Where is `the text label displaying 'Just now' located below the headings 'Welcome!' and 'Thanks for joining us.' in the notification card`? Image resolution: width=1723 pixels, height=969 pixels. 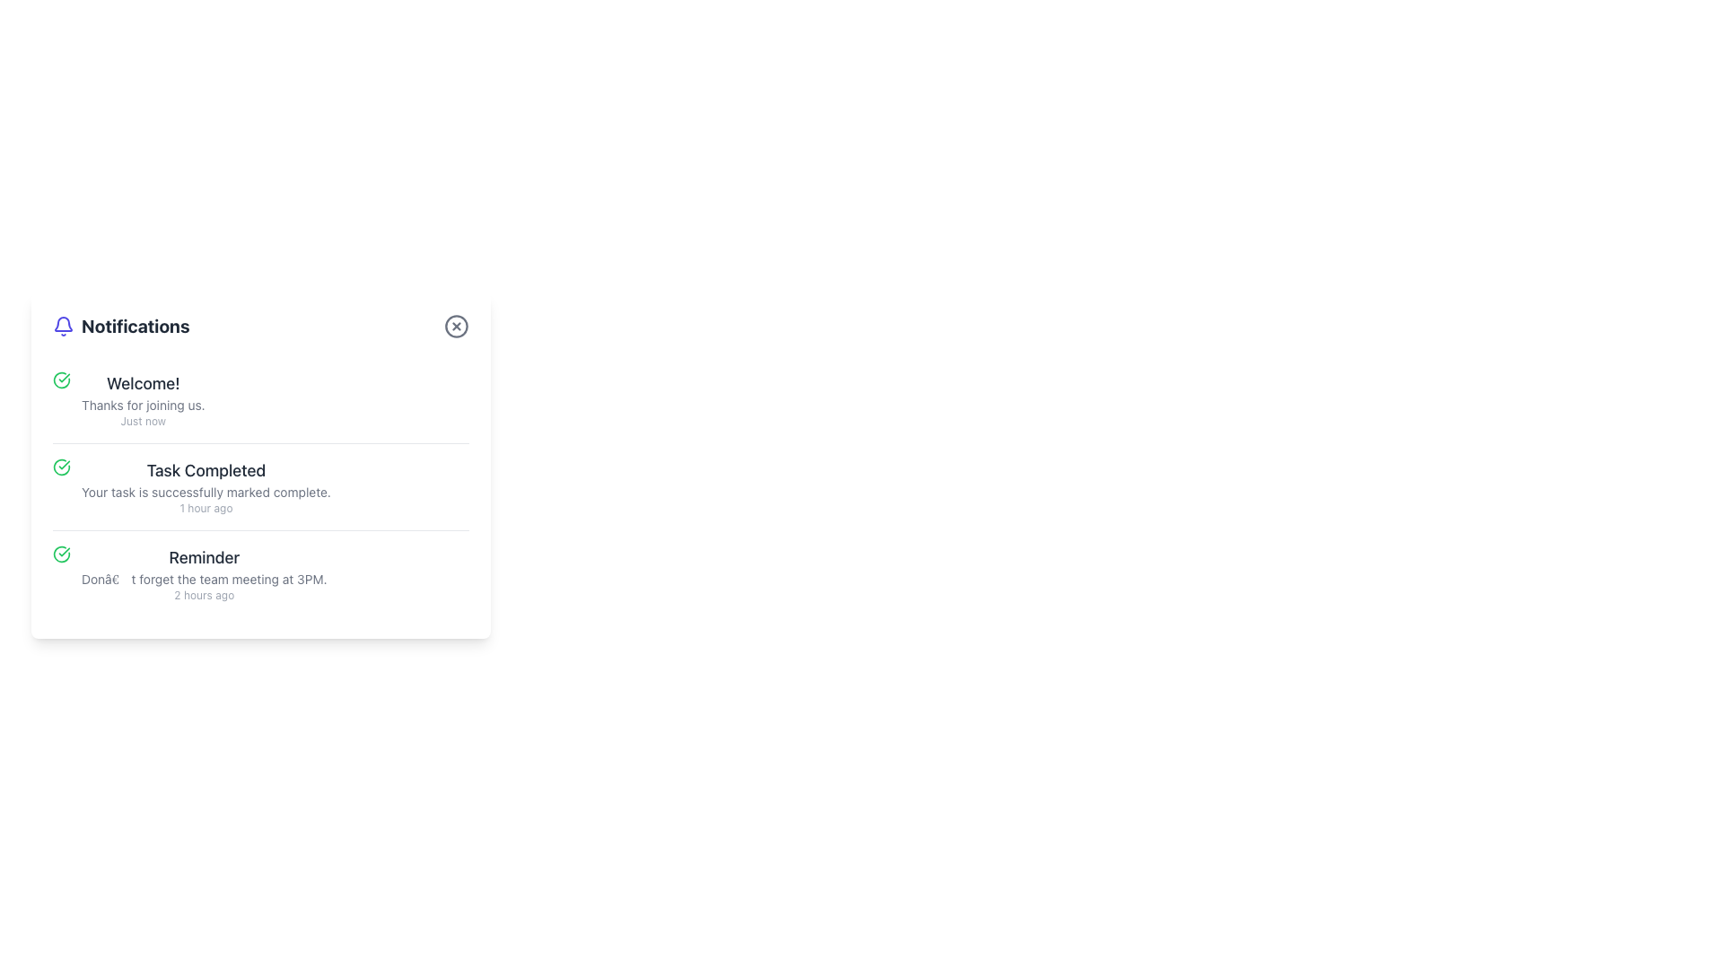 the text label displaying 'Just now' located below the headings 'Welcome!' and 'Thanks for joining us.' in the notification card is located at coordinates (142, 422).